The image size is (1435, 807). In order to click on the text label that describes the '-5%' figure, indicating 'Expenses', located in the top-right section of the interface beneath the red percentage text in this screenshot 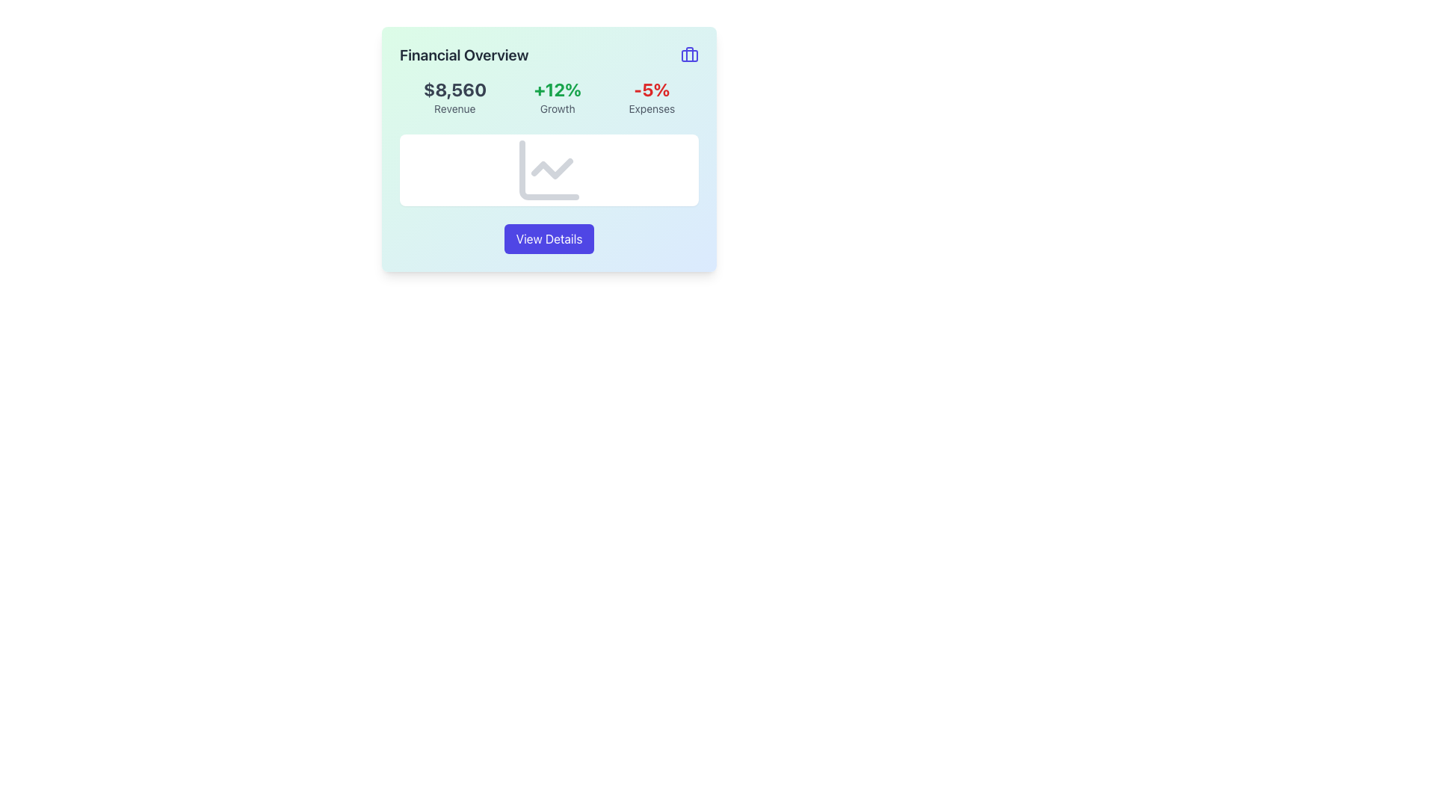, I will do `click(652, 108)`.